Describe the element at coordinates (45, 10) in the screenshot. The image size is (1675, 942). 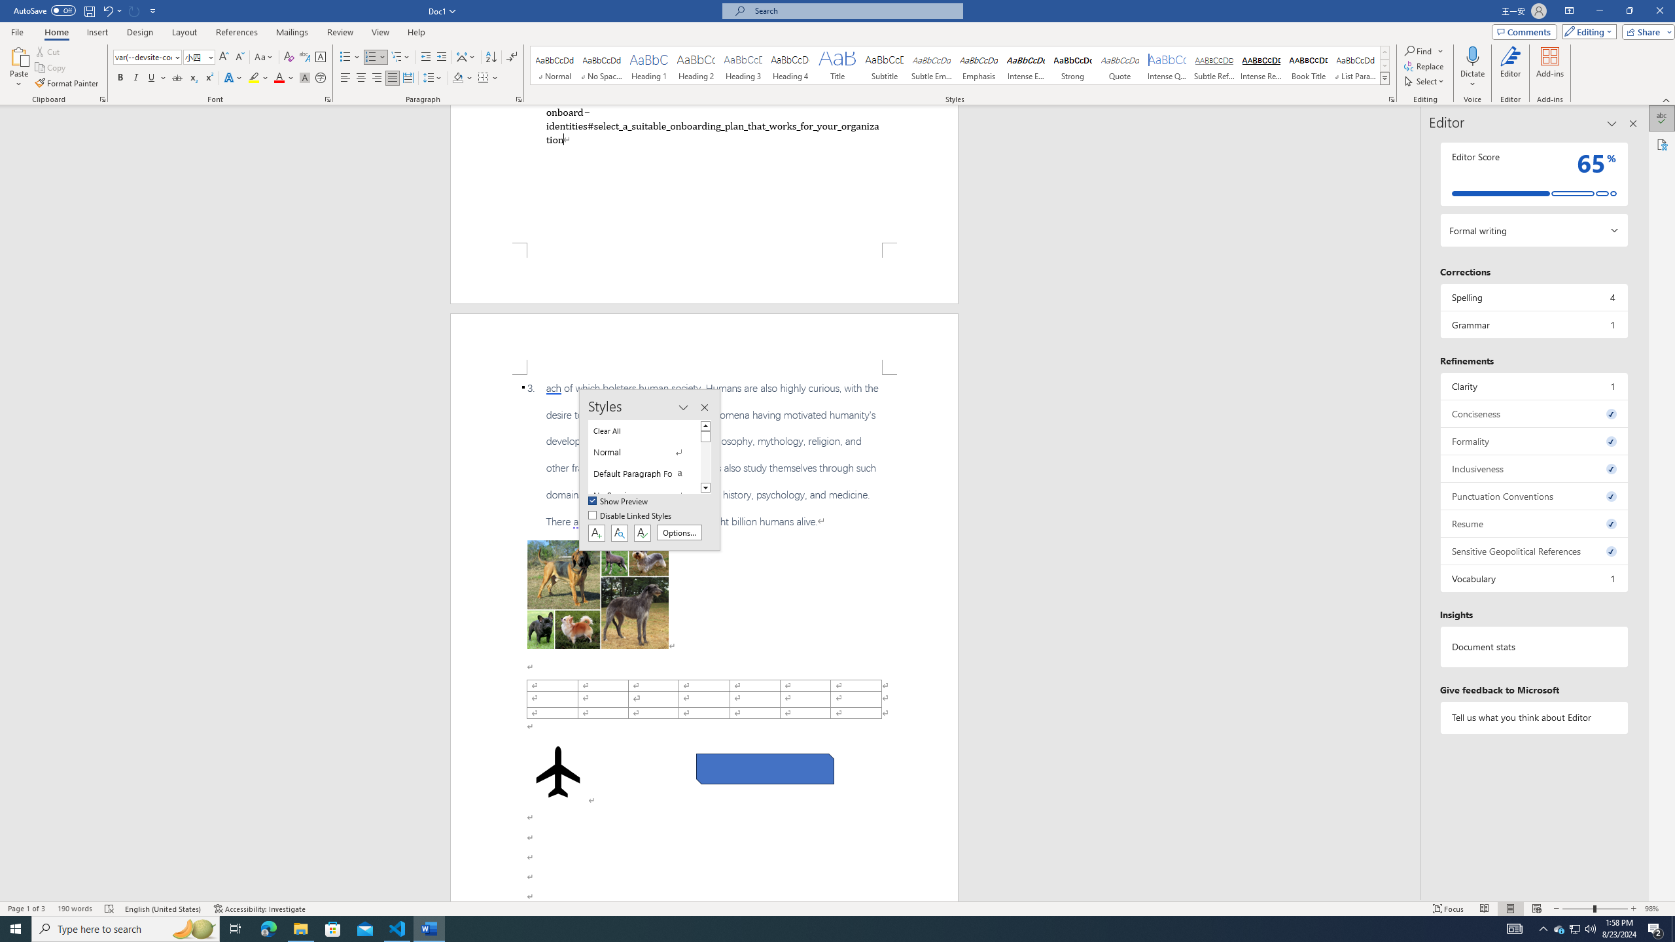
I see `'AutoSave'` at that location.